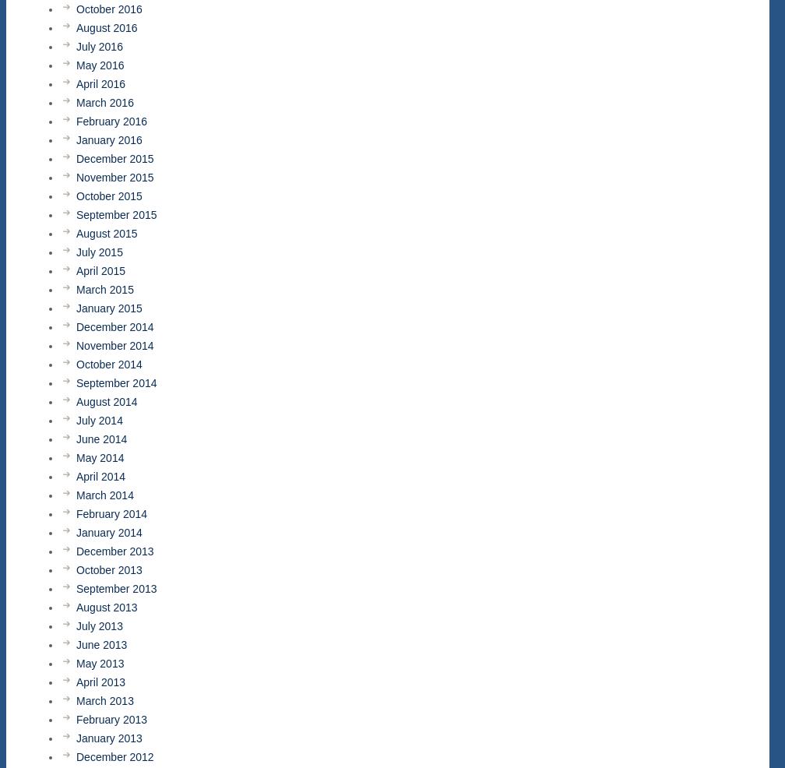  I want to click on 'March 2013', so click(104, 700).